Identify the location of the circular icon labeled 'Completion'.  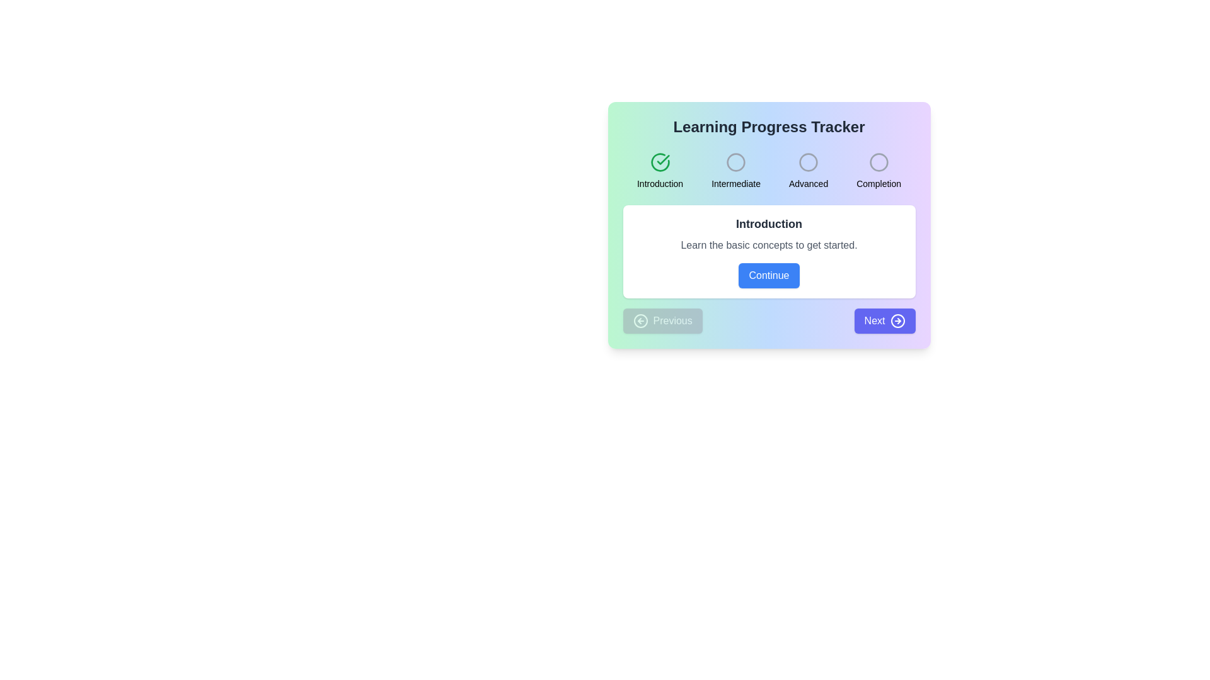
(878, 171).